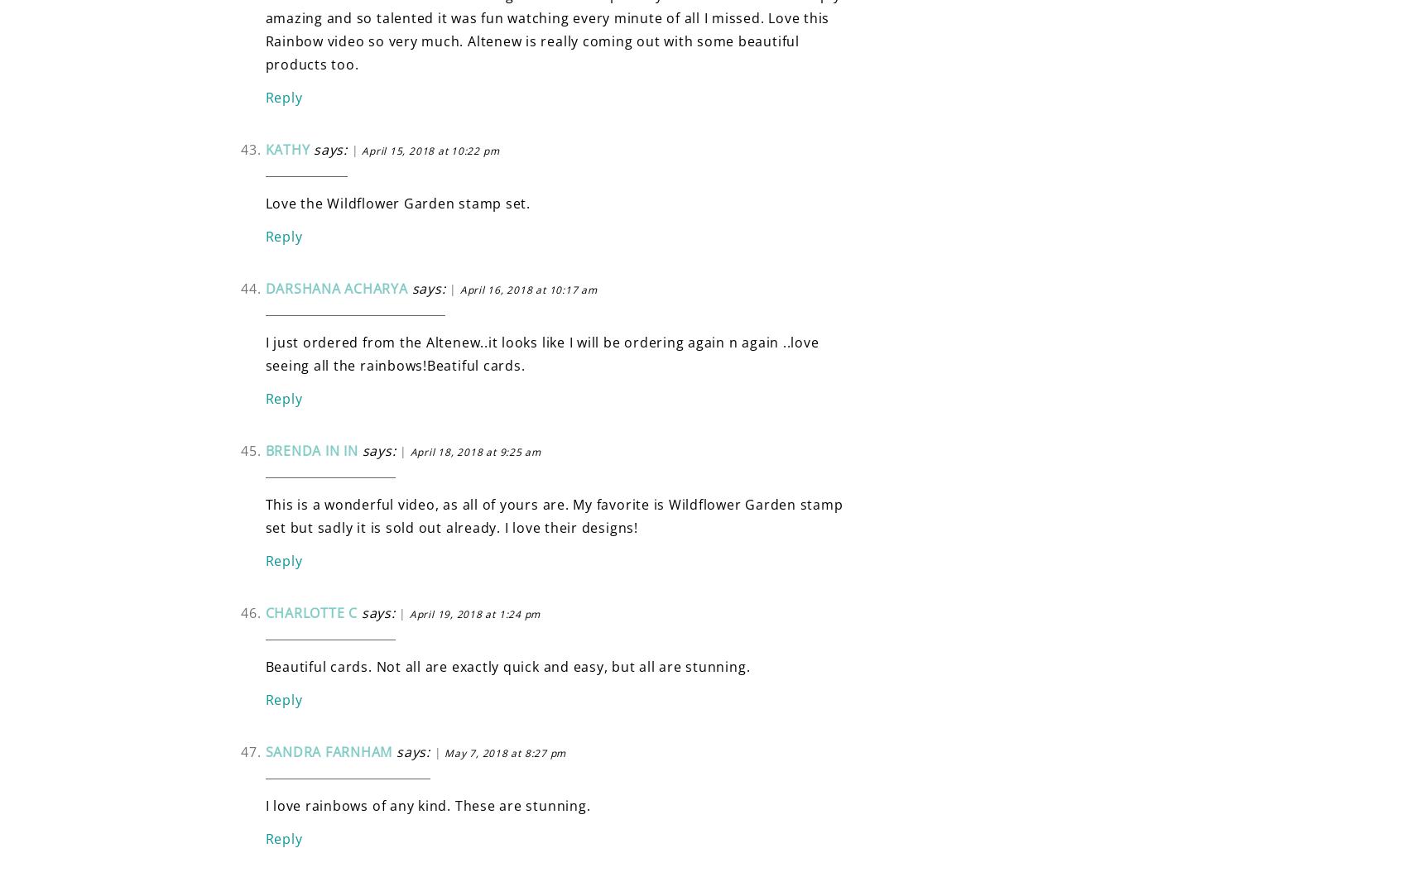  What do you see at coordinates (507, 665) in the screenshot?
I see `'Beautiful cards.  Not all are exactly quick and easy, but all are stunning.'` at bounding box center [507, 665].